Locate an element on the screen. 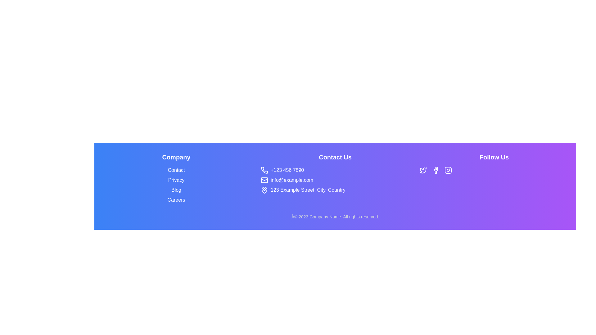 This screenshot has width=596, height=335. the 'Privacy' hyperlink located in the left section of the footer is located at coordinates (176, 180).